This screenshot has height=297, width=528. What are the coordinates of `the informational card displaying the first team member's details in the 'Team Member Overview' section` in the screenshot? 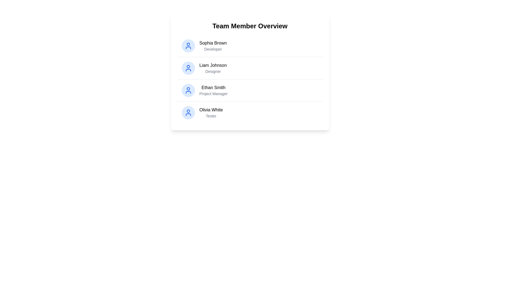 It's located at (249, 45).